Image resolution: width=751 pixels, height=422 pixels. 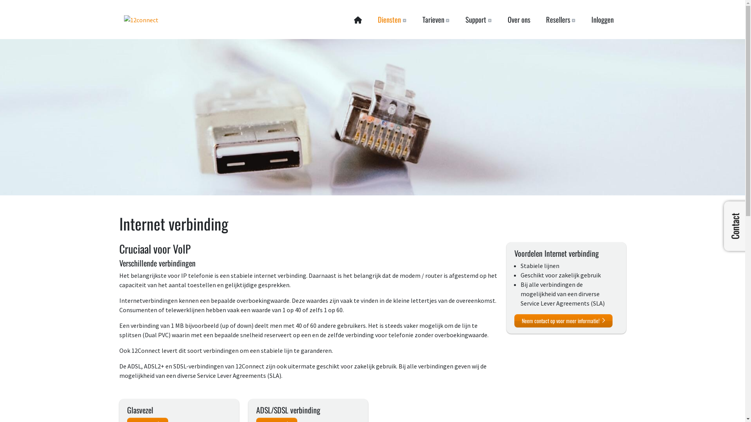 I want to click on 'Diensten', so click(x=392, y=19).